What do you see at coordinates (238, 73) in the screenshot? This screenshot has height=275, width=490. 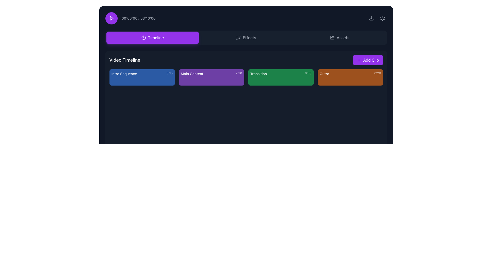 I see `the text label displaying the time '2:30' located at the right edge of the 'Main Content' rectangle` at bounding box center [238, 73].